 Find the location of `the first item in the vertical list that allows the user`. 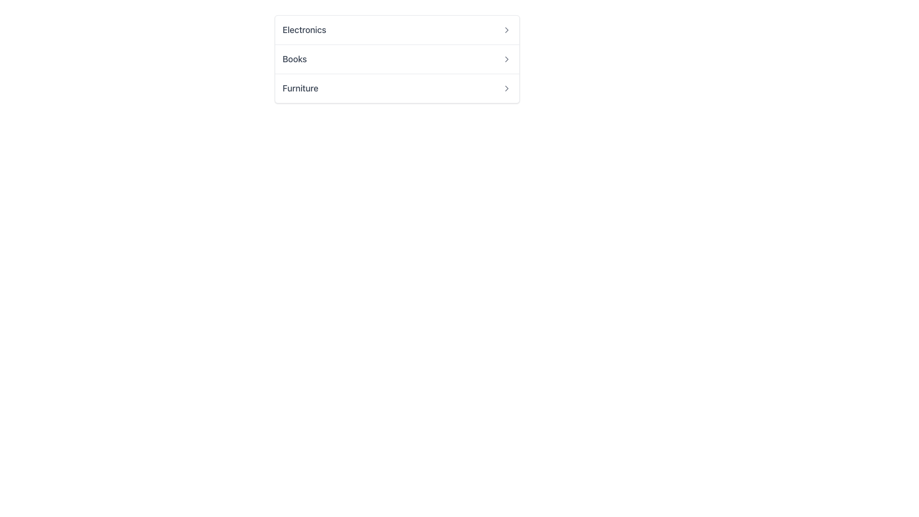

the first item in the vertical list that allows the user is located at coordinates (397, 29).